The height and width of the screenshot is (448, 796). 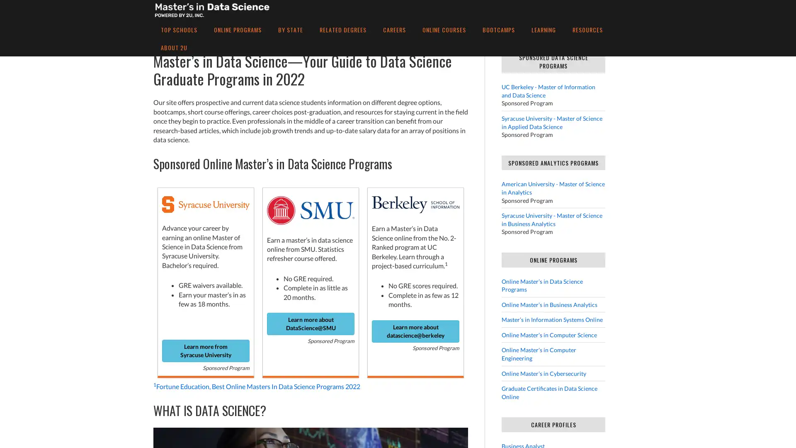 What do you see at coordinates (206, 350) in the screenshot?
I see `Learn more from Syracuse University` at bounding box center [206, 350].